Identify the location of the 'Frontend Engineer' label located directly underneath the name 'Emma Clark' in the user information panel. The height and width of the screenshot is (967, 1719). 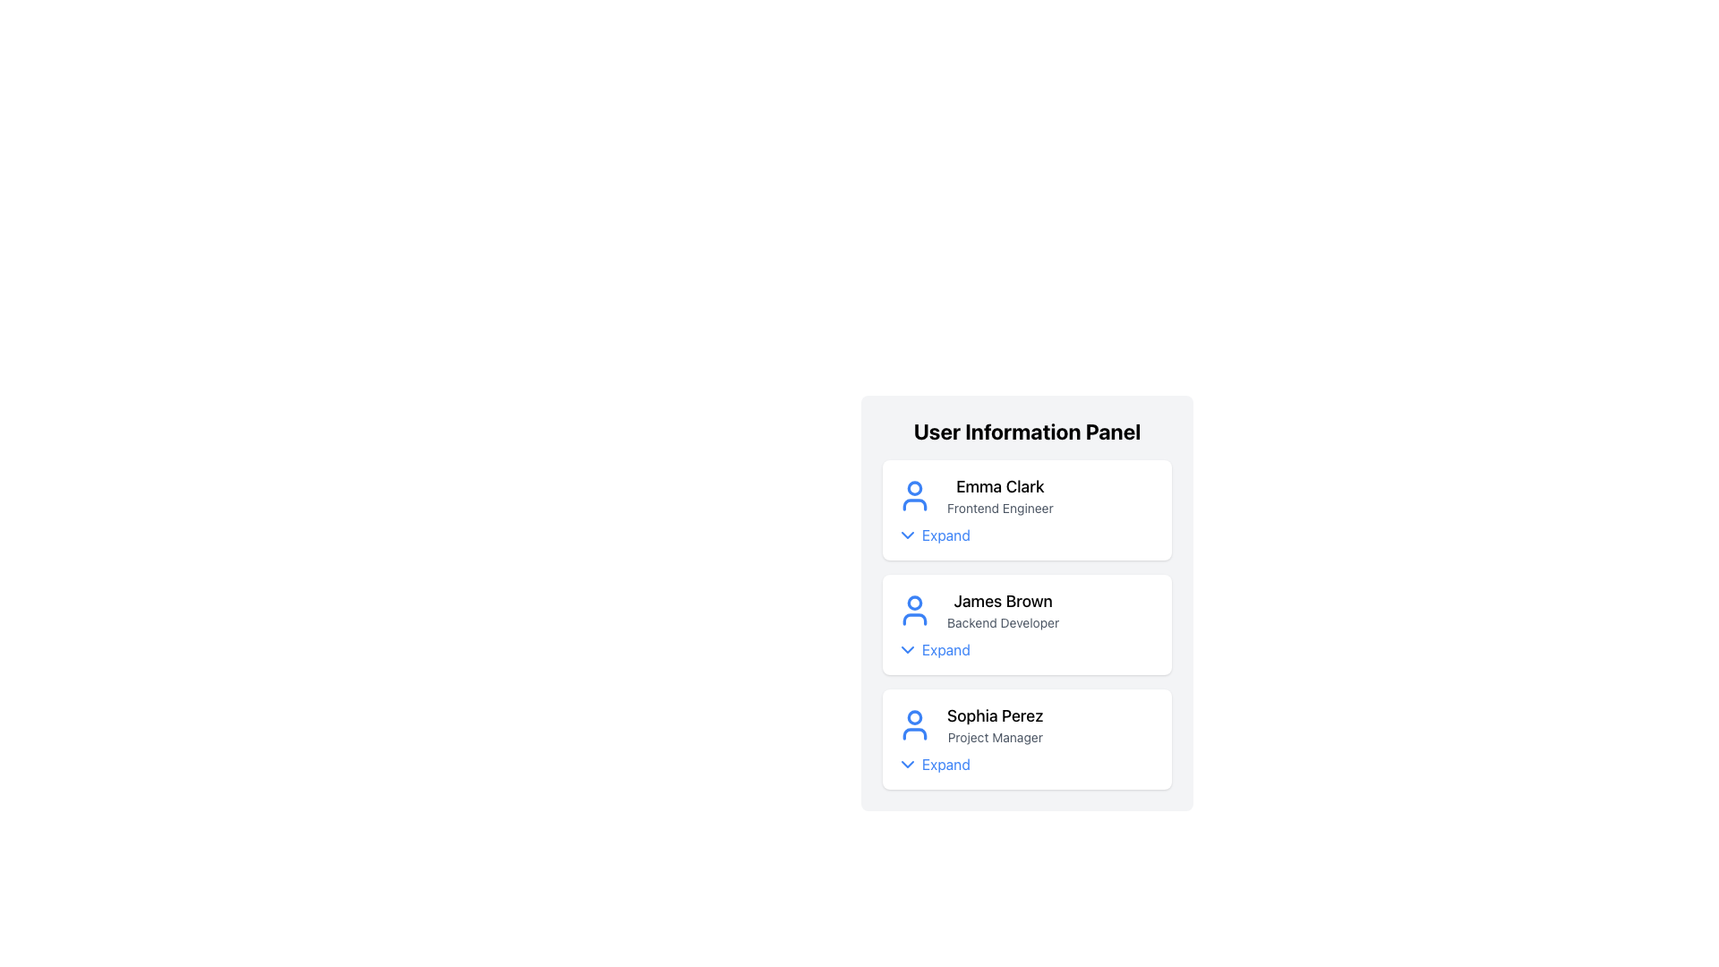
(999, 508).